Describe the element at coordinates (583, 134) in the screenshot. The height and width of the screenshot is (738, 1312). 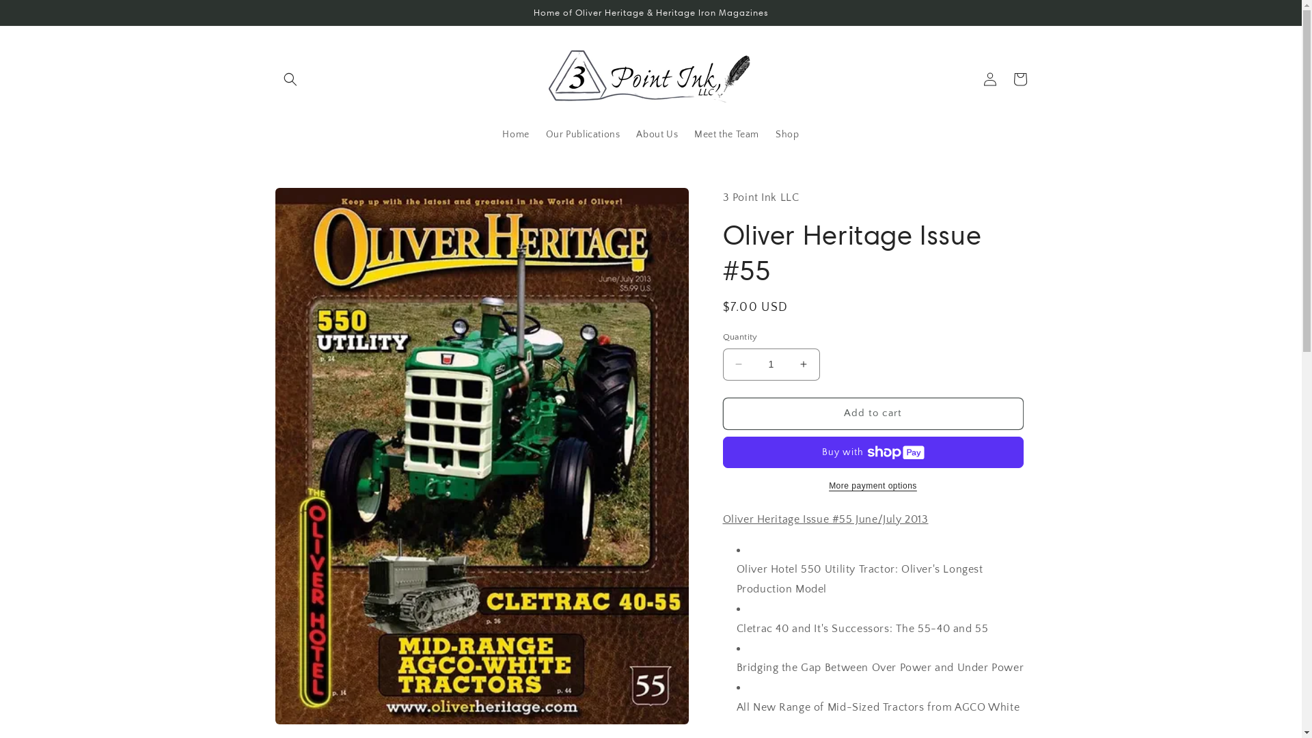
I see `'Our Publications'` at that location.